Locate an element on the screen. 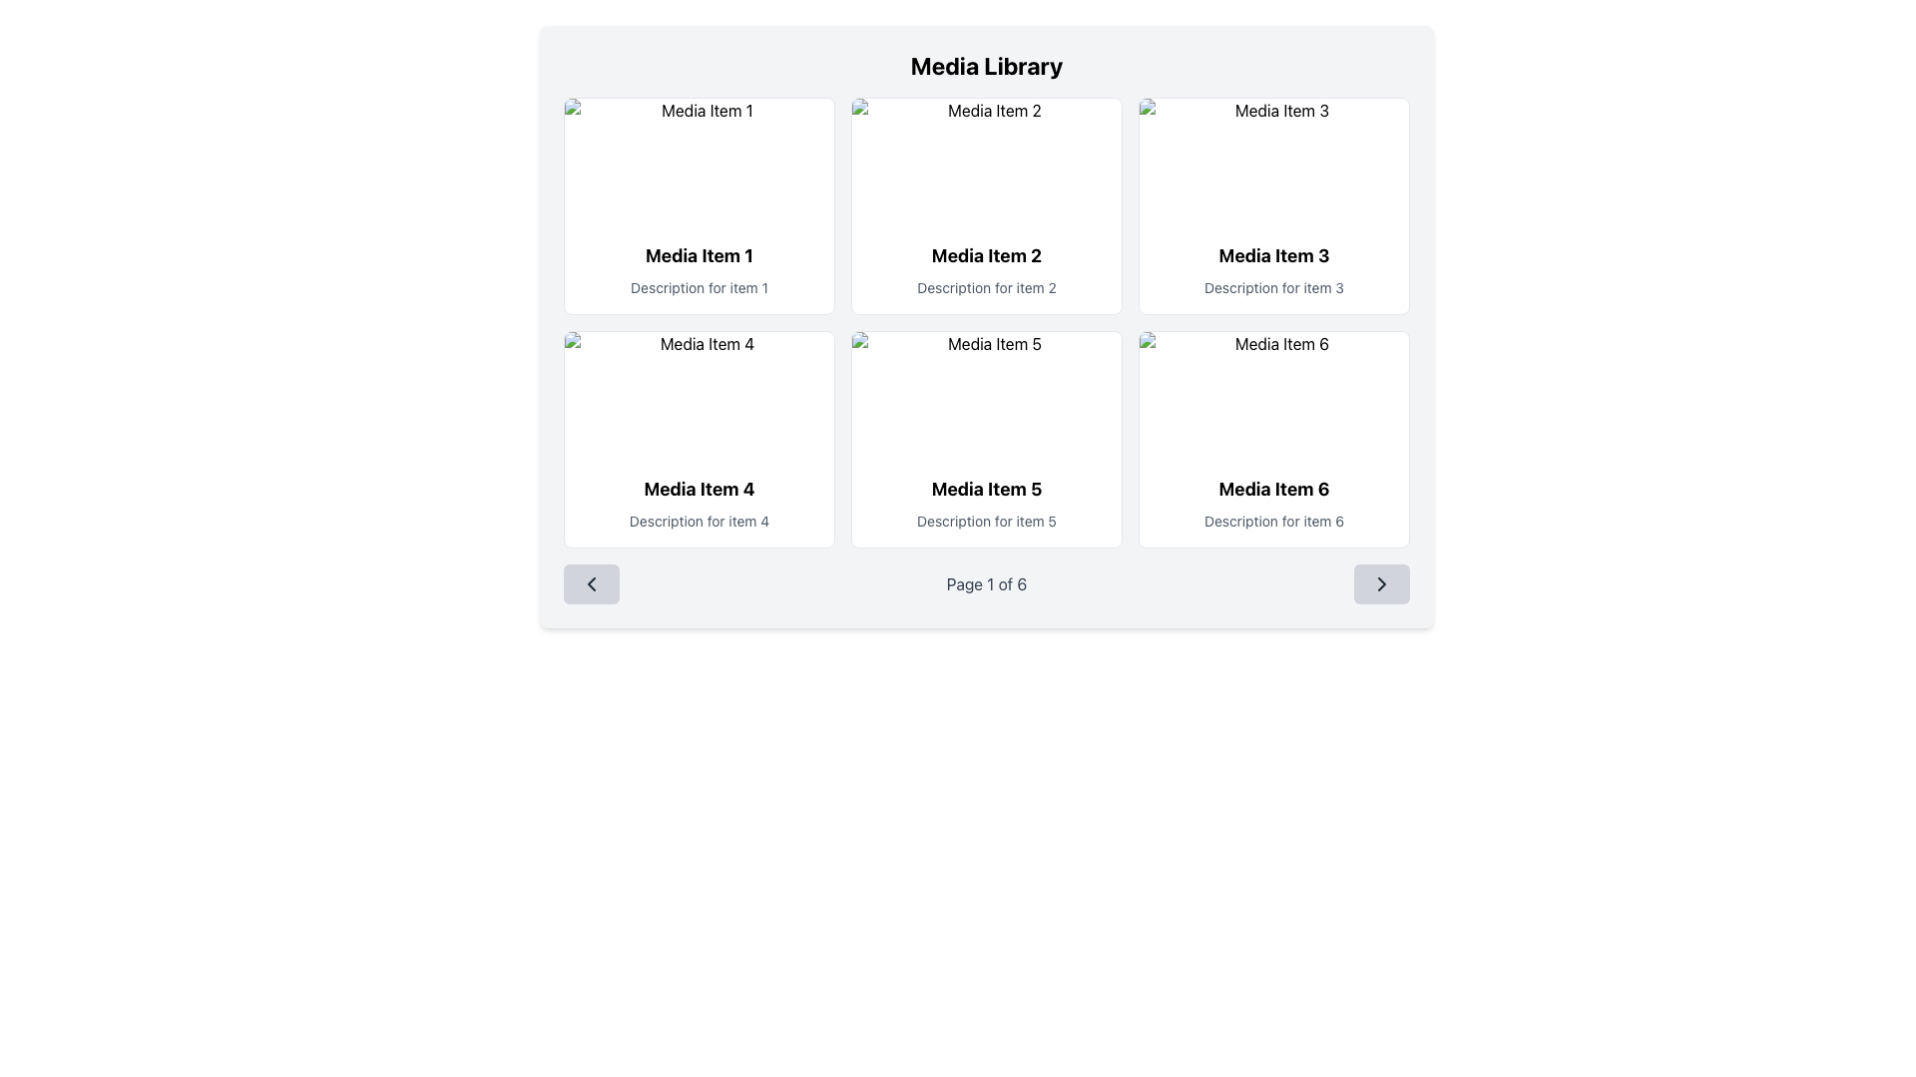 The height and width of the screenshot is (1077, 1916). the informational text block containing 'Media Item 2' and 'Description for item 2' located in the second column of the first row in a 3x2 grid is located at coordinates (986, 269).